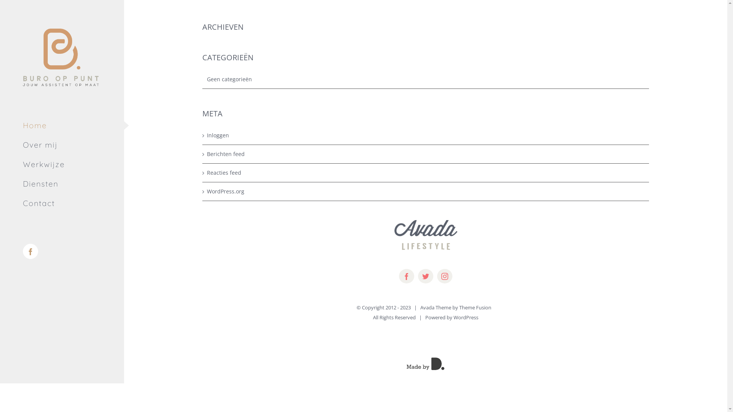 The height and width of the screenshot is (412, 733). What do you see at coordinates (62, 145) in the screenshot?
I see `'Over mij'` at bounding box center [62, 145].